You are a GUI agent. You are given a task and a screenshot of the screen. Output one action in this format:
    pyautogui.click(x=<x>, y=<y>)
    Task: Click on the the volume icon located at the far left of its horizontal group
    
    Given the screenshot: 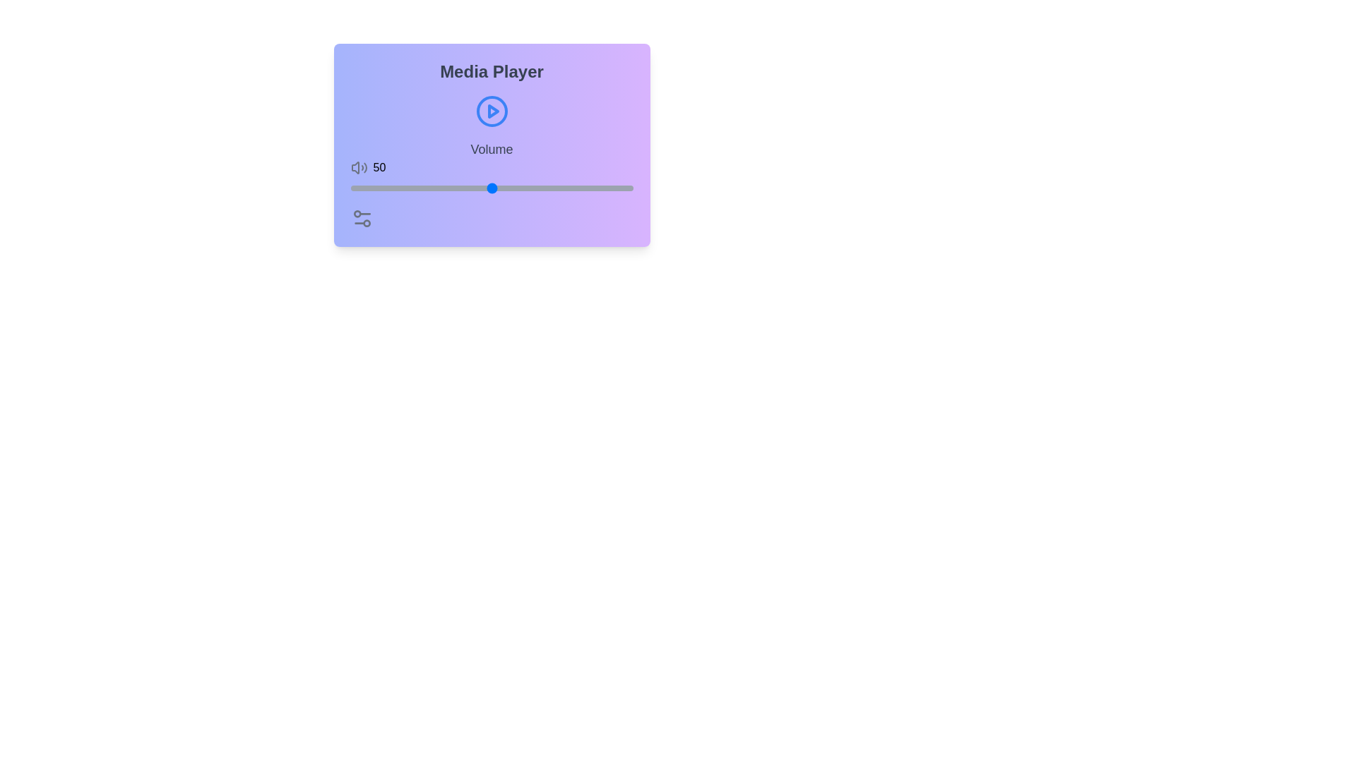 What is the action you would take?
    pyautogui.click(x=359, y=167)
    